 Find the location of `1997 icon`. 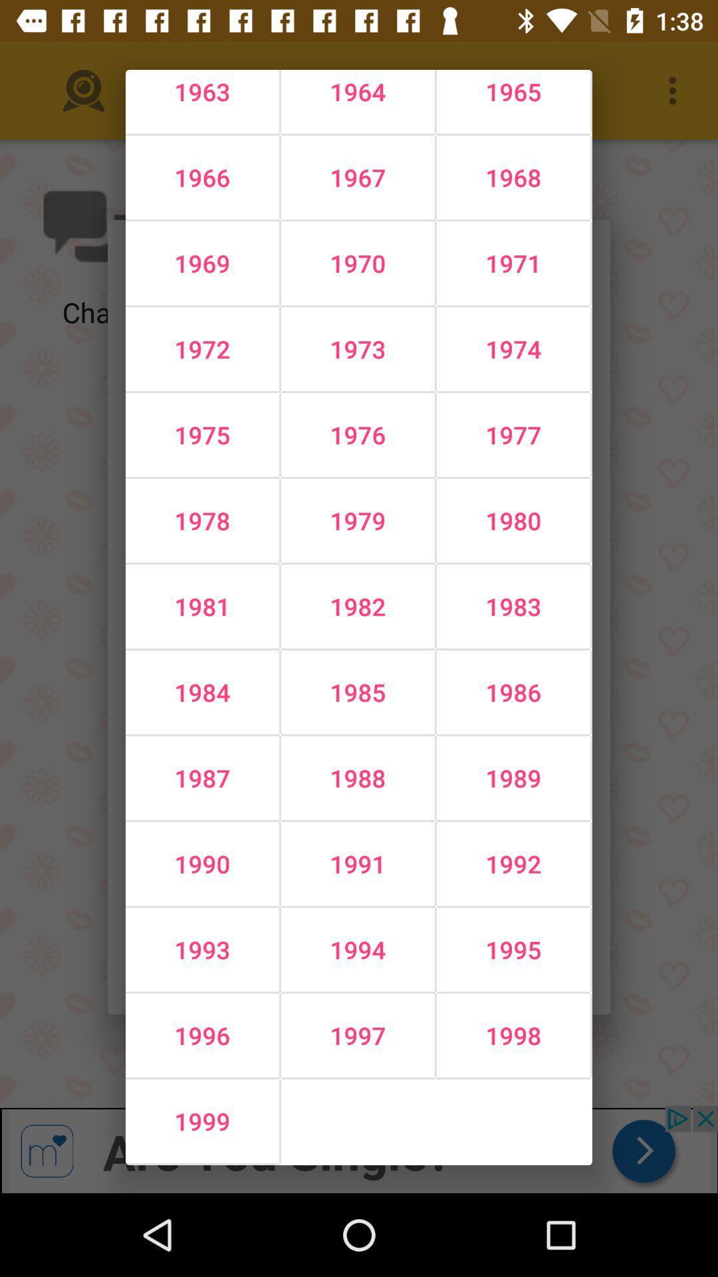

1997 icon is located at coordinates (357, 1034).